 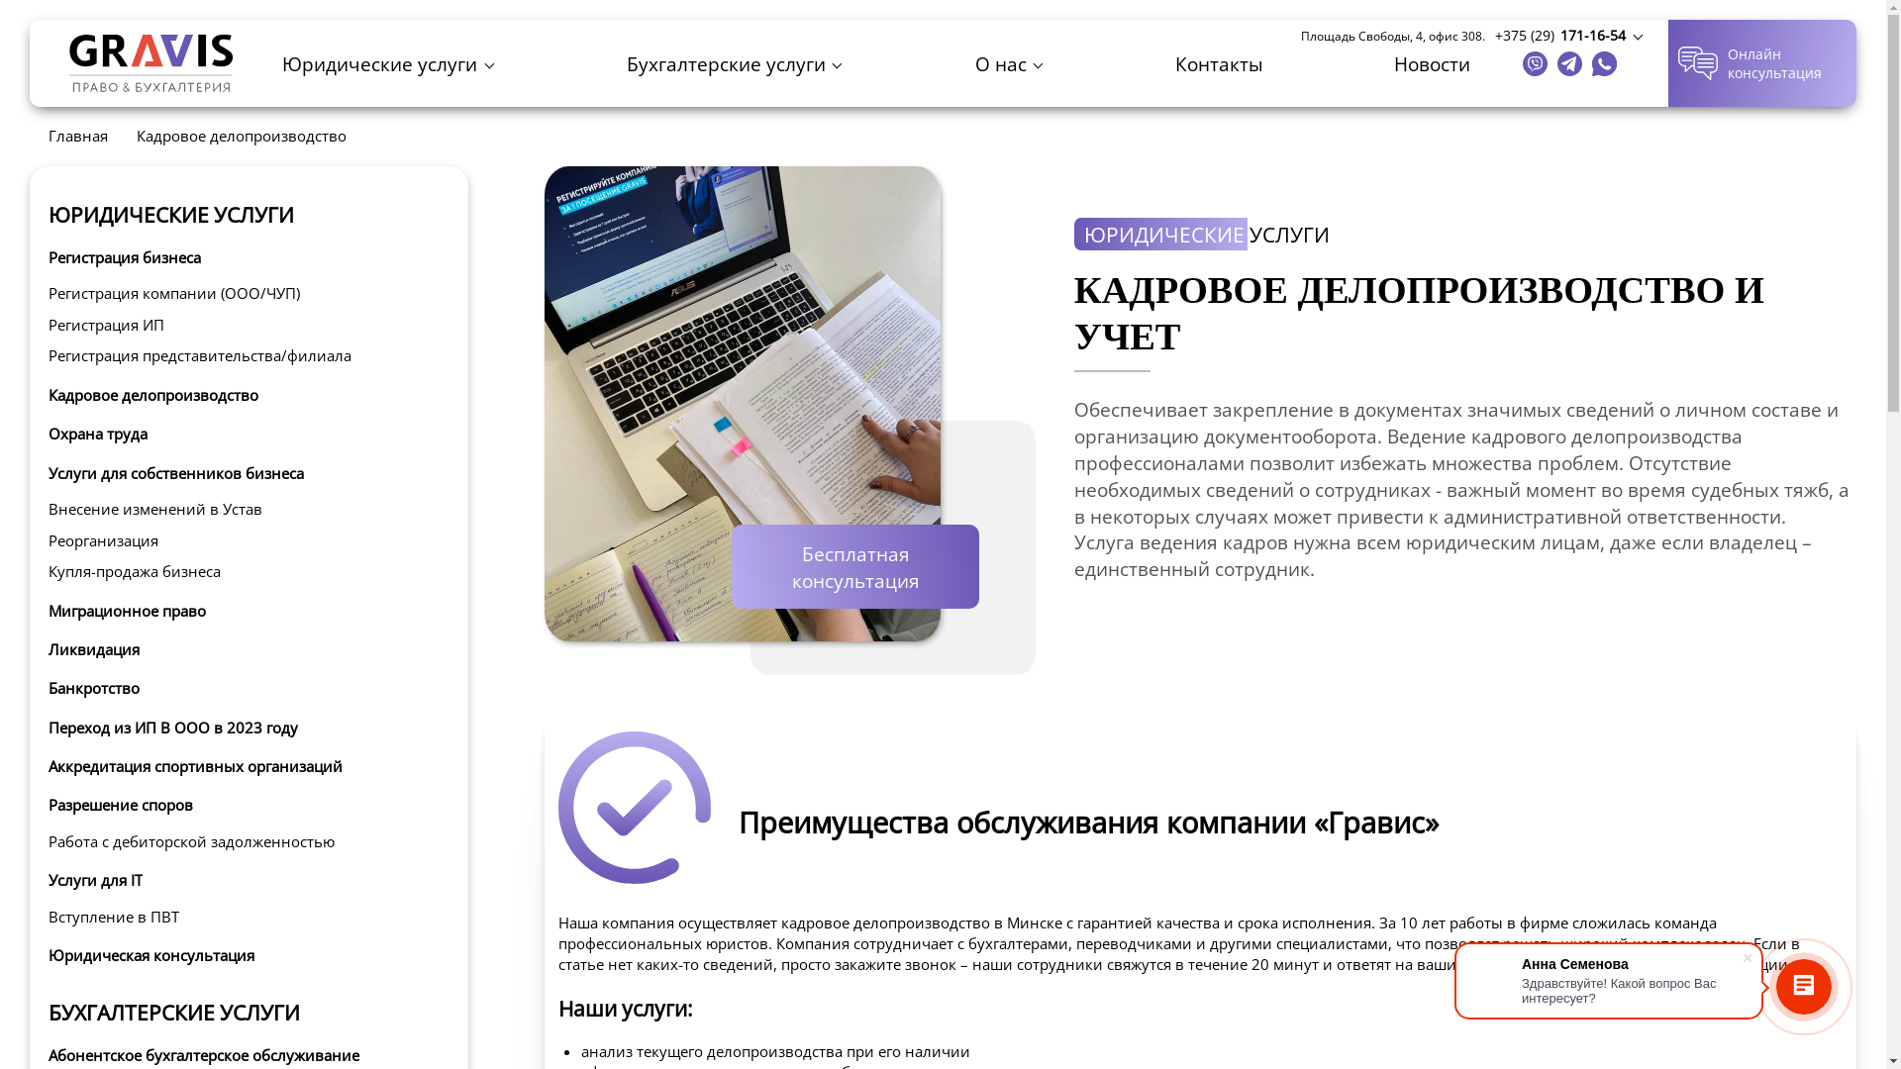 What do you see at coordinates (1567, 35) in the screenshot?
I see `'+375 (29)` at bounding box center [1567, 35].